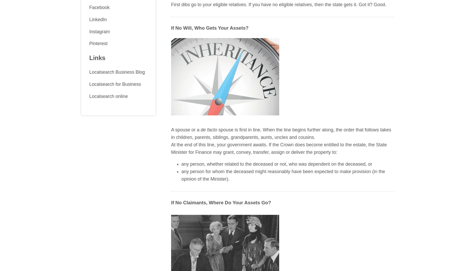  I want to click on 'Links', so click(97, 57).